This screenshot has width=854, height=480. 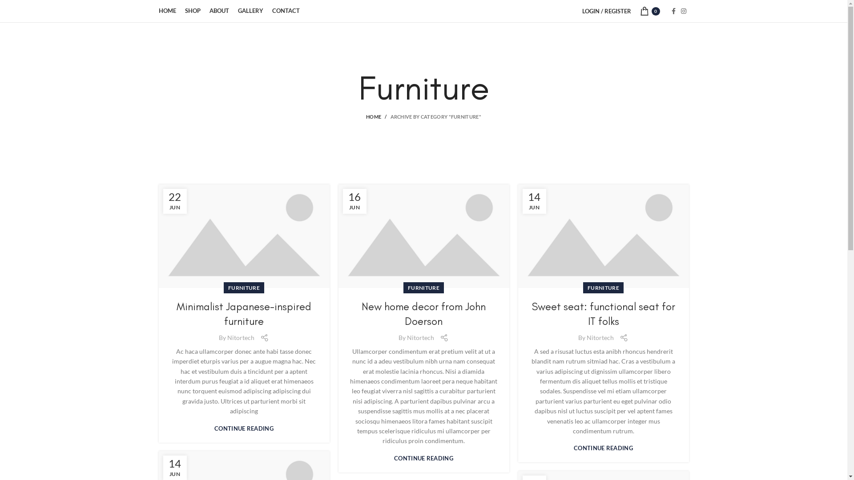 I want to click on 'SHOP', so click(x=192, y=11).